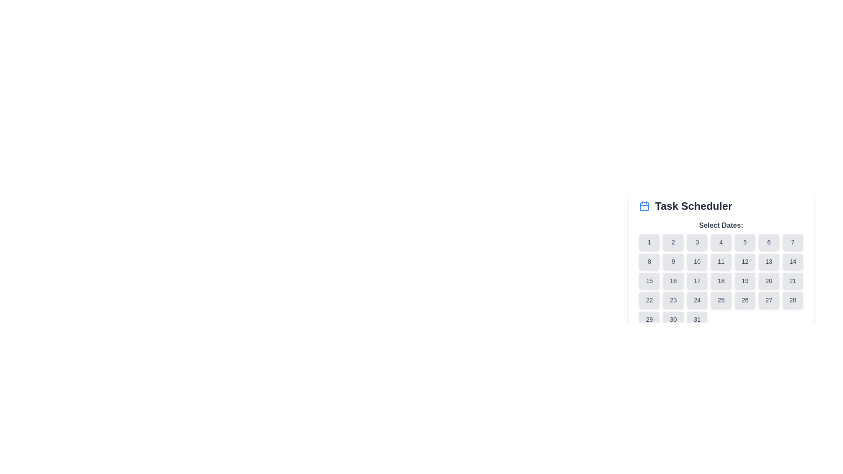 The width and height of the screenshot is (843, 474). Describe the element at coordinates (721, 261) in the screenshot. I see `the 11th day button in the calendar interface, located in the second row and fourth column of the grid` at that location.